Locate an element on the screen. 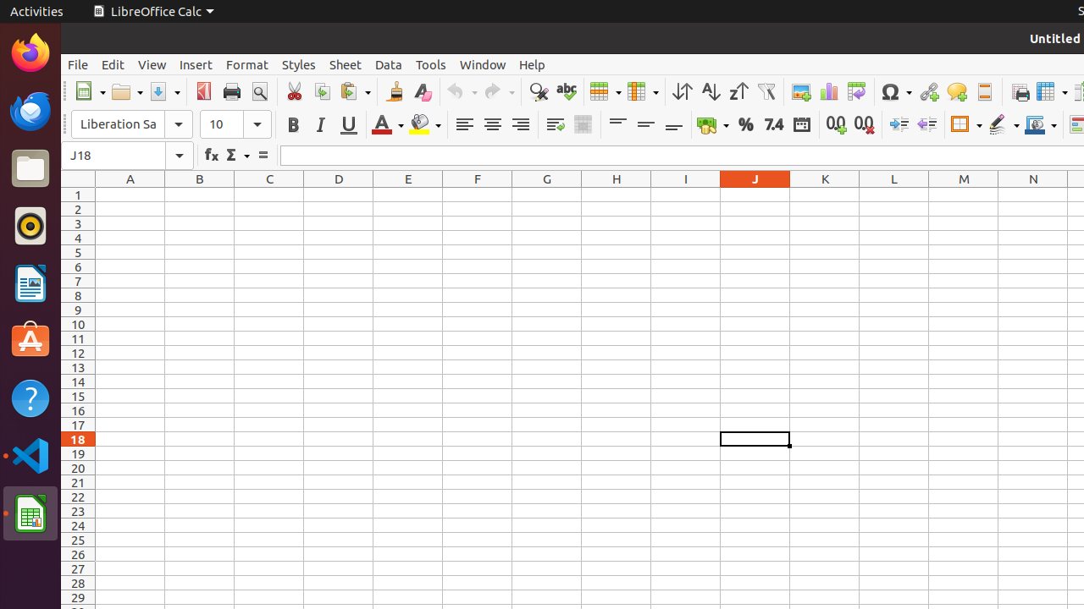  'Data' is located at coordinates (388, 63).